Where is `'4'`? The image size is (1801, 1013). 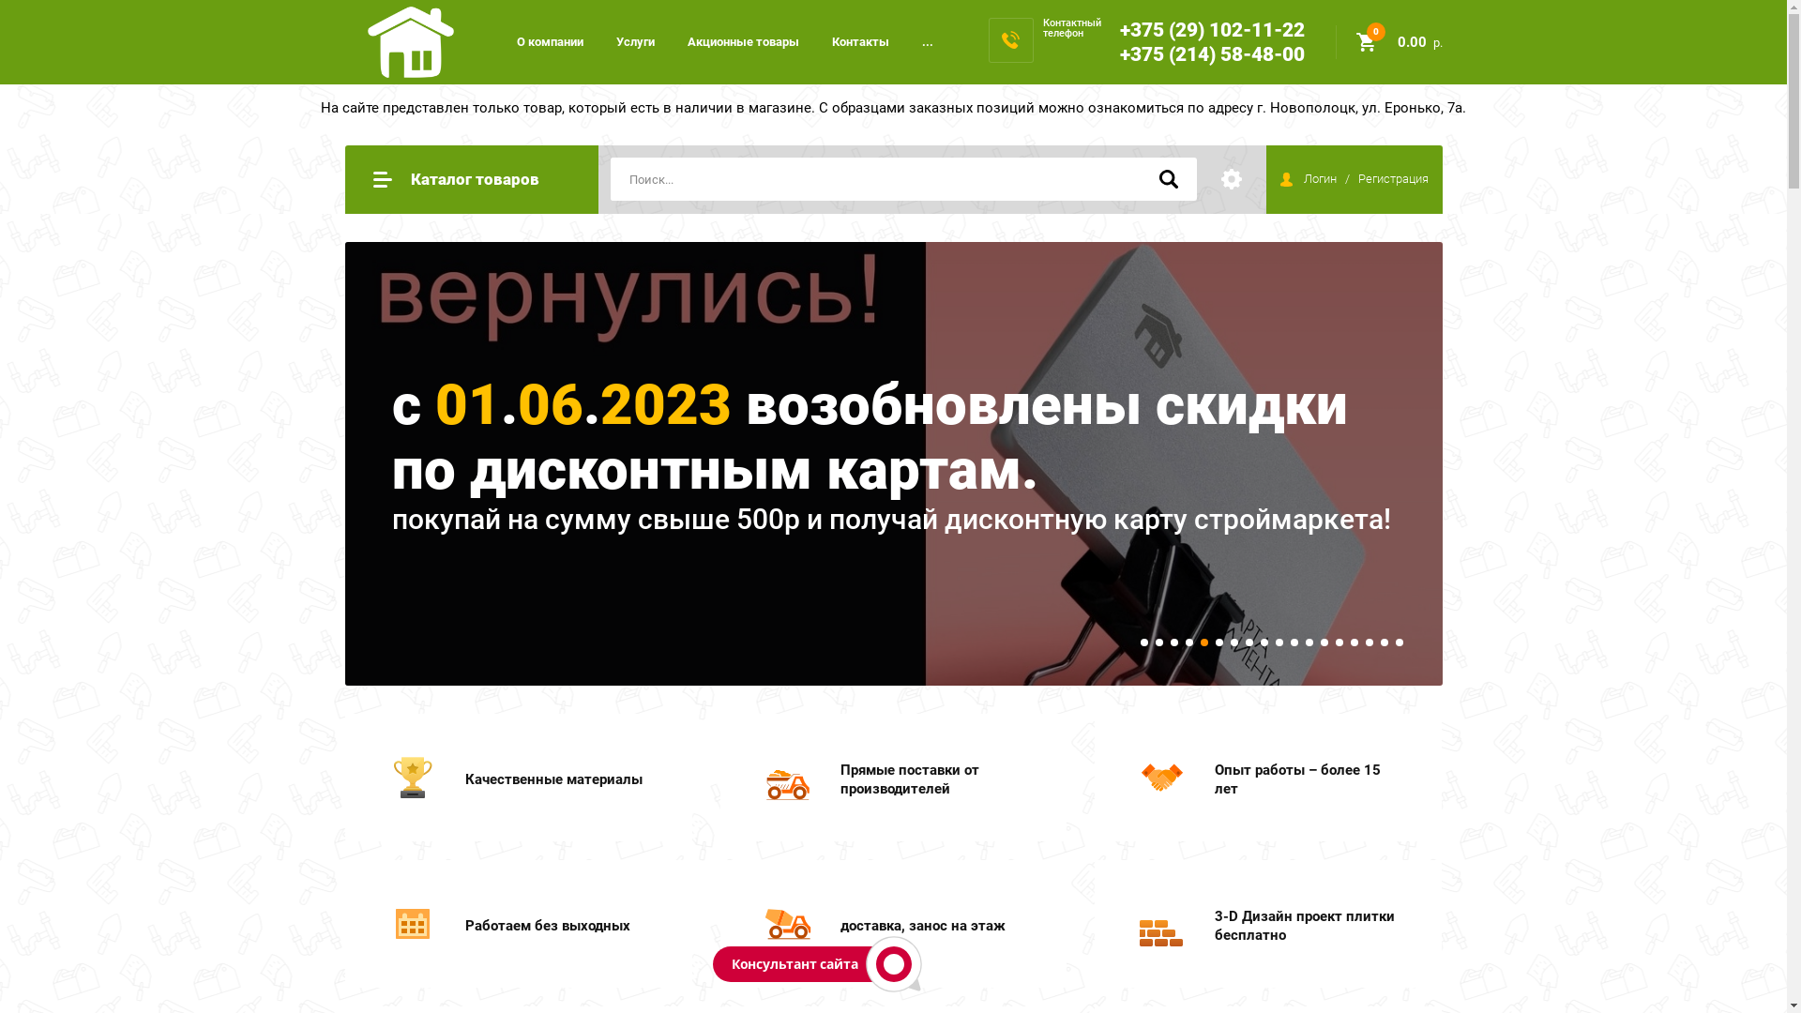 '4' is located at coordinates (1188, 642).